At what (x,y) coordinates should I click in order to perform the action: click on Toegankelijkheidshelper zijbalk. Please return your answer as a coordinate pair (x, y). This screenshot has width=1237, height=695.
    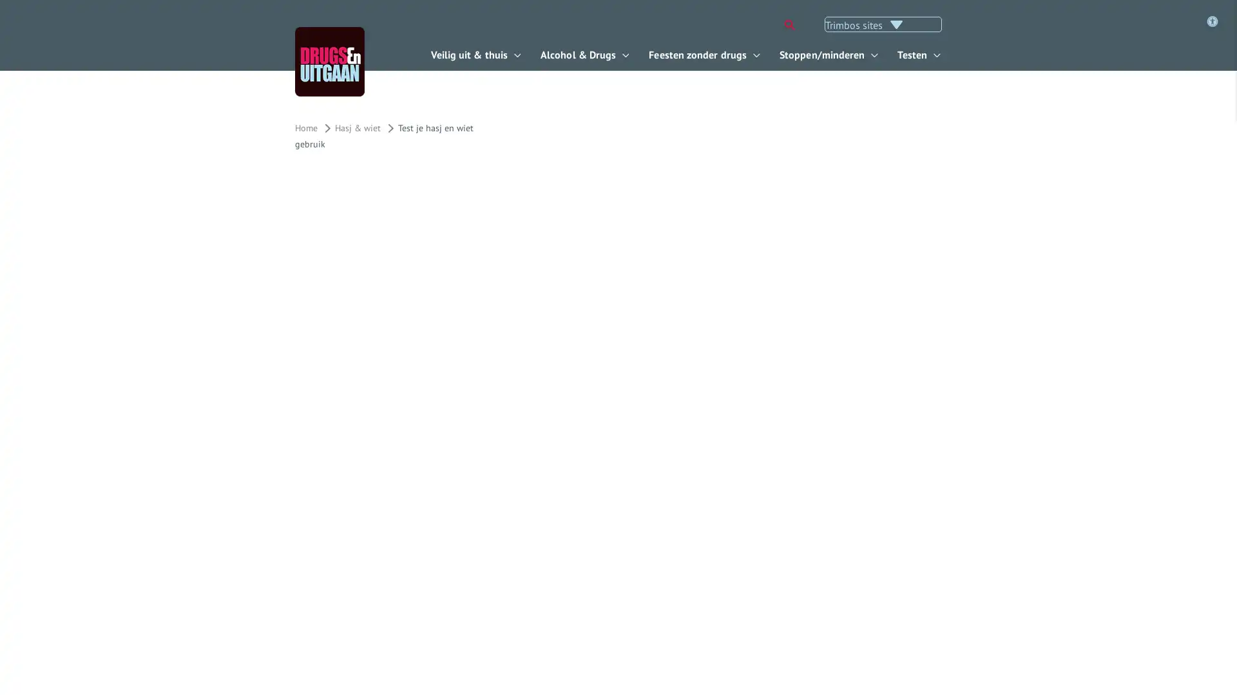
    Looking at the image, I should click on (481, 101).